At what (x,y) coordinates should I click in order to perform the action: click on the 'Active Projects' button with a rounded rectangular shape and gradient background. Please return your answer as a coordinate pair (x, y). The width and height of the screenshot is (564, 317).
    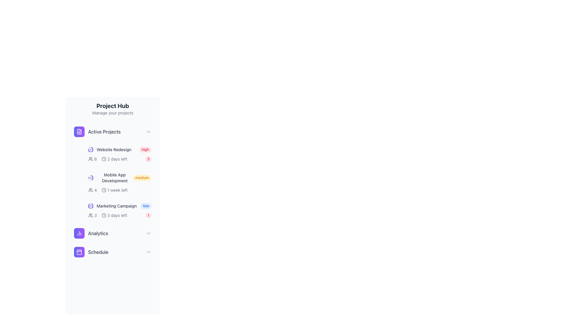
    Looking at the image, I should click on (113, 131).